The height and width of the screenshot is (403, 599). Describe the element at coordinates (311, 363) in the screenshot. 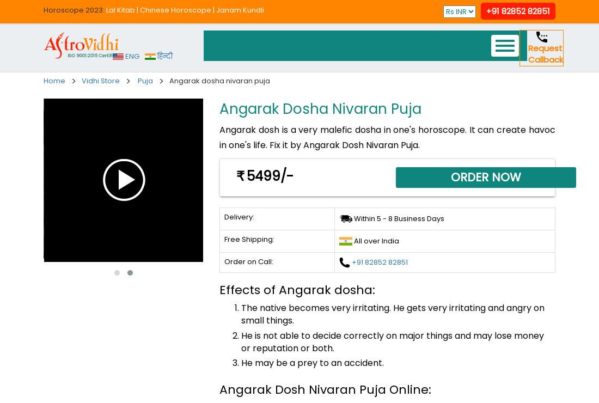

I see `'He may be a prey to an accident.'` at that location.